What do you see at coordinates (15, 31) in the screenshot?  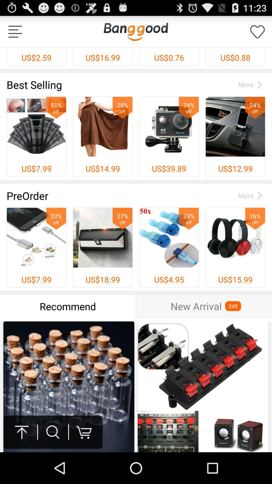 I see `more options` at bounding box center [15, 31].